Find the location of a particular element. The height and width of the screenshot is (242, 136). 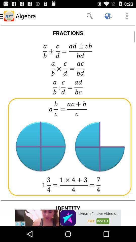

math problem display is located at coordinates (68, 116).